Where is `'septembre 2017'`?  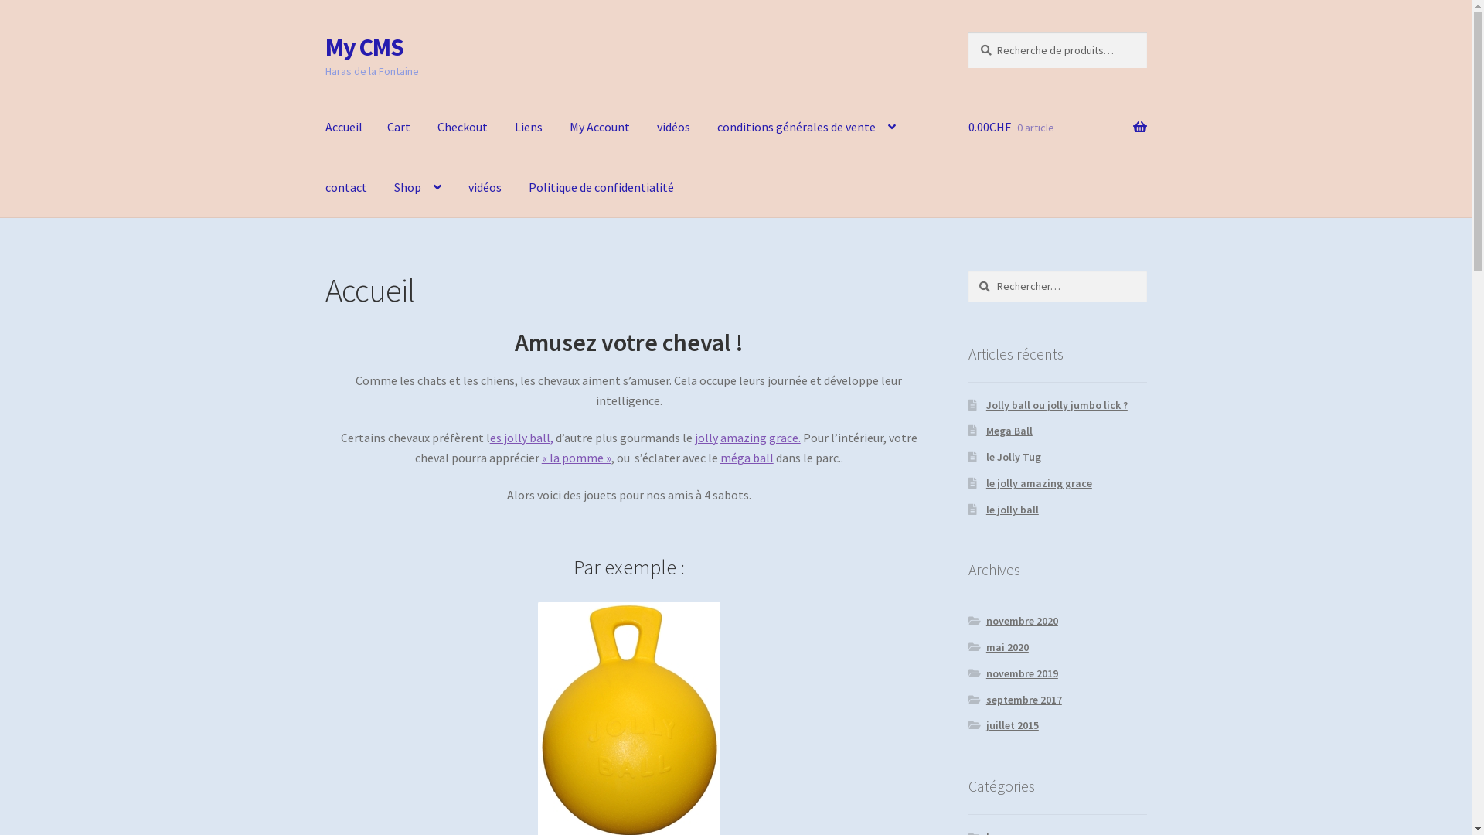 'septembre 2017' is located at coordinates (985, 700).